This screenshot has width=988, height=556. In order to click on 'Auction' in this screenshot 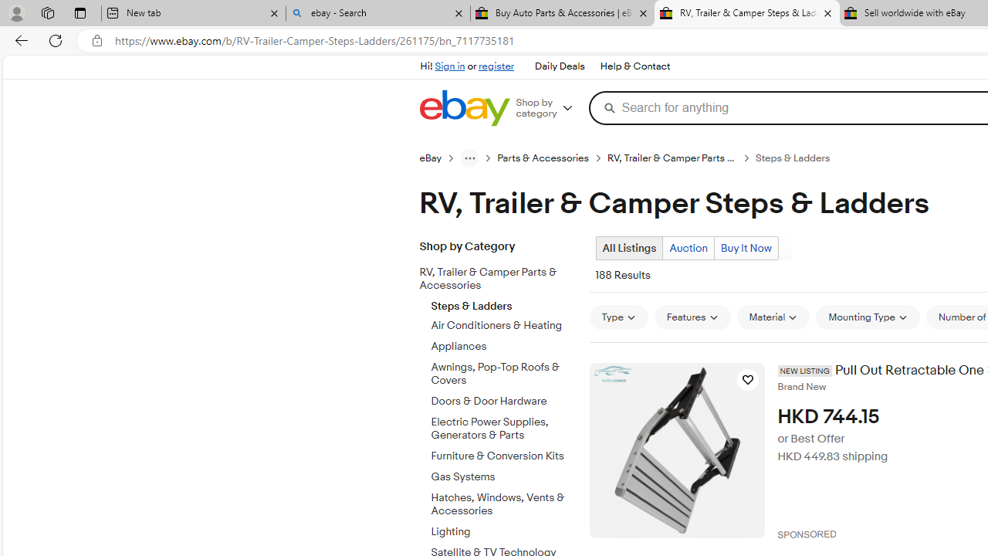, I will do `click(687, 247)`.